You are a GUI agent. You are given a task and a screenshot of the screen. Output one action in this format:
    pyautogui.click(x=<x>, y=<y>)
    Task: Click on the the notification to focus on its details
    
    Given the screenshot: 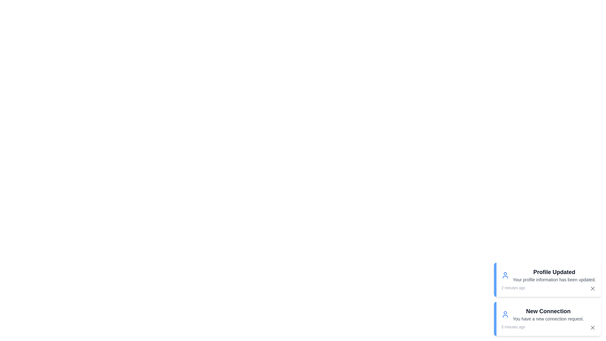 What is the action you would take?
    pyautogui.click(x=547, y=279)
    